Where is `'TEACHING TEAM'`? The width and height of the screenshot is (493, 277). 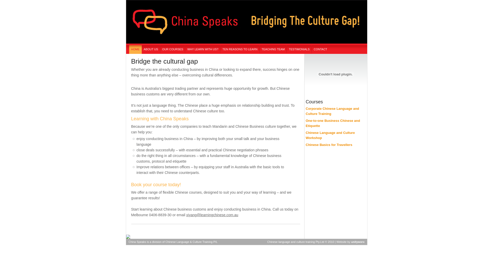
'TEACHING TEAM' is located at coordinates (273, 49).